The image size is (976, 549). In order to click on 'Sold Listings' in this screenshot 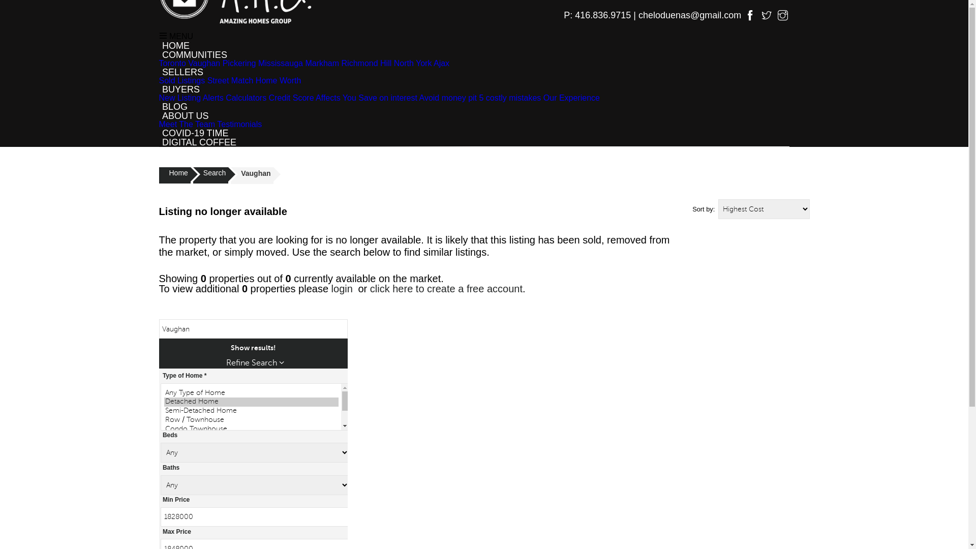, I will do `click(158, 80)`.